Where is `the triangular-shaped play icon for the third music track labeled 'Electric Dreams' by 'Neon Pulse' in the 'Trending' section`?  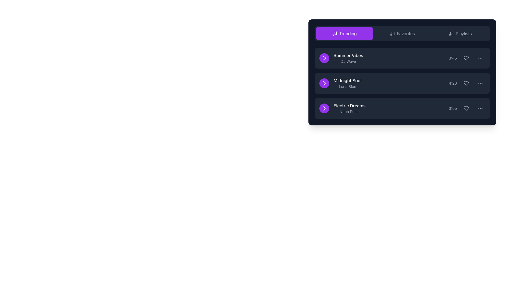 the triangular-shaped play icon for the third music track labeled 'Electric Dreams' by 'Neon Pulse' in the 'Trending' section is located at coordinates (324, 108).